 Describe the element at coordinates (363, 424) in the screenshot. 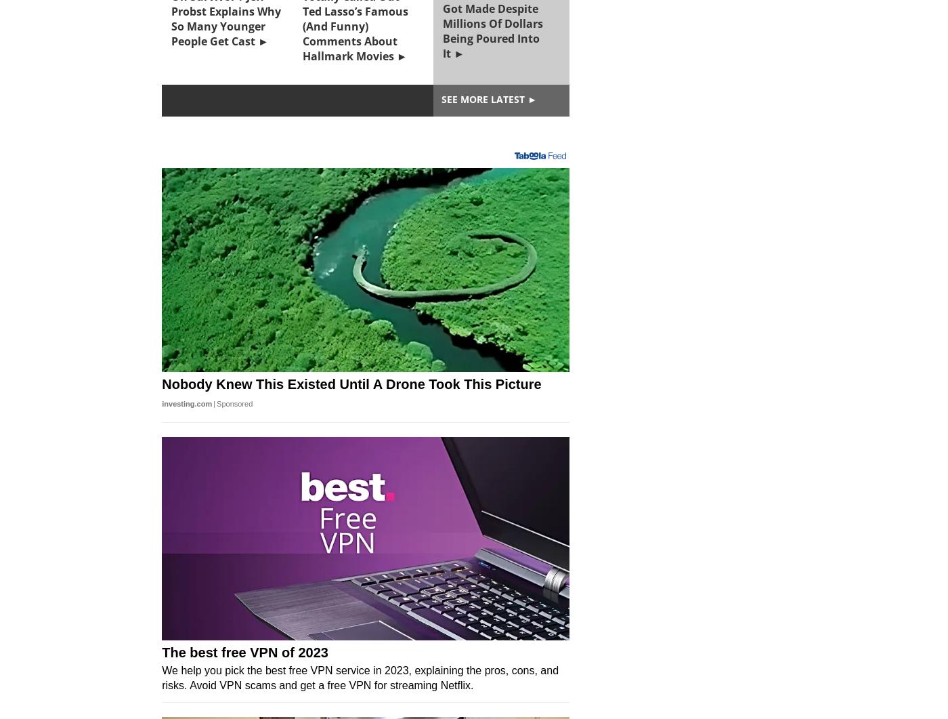

I see `'The Golden Bachelor seems to be having one specific problem that hasn't been an issue to this degree on the other Bachelor Nation shows.'` at that location.